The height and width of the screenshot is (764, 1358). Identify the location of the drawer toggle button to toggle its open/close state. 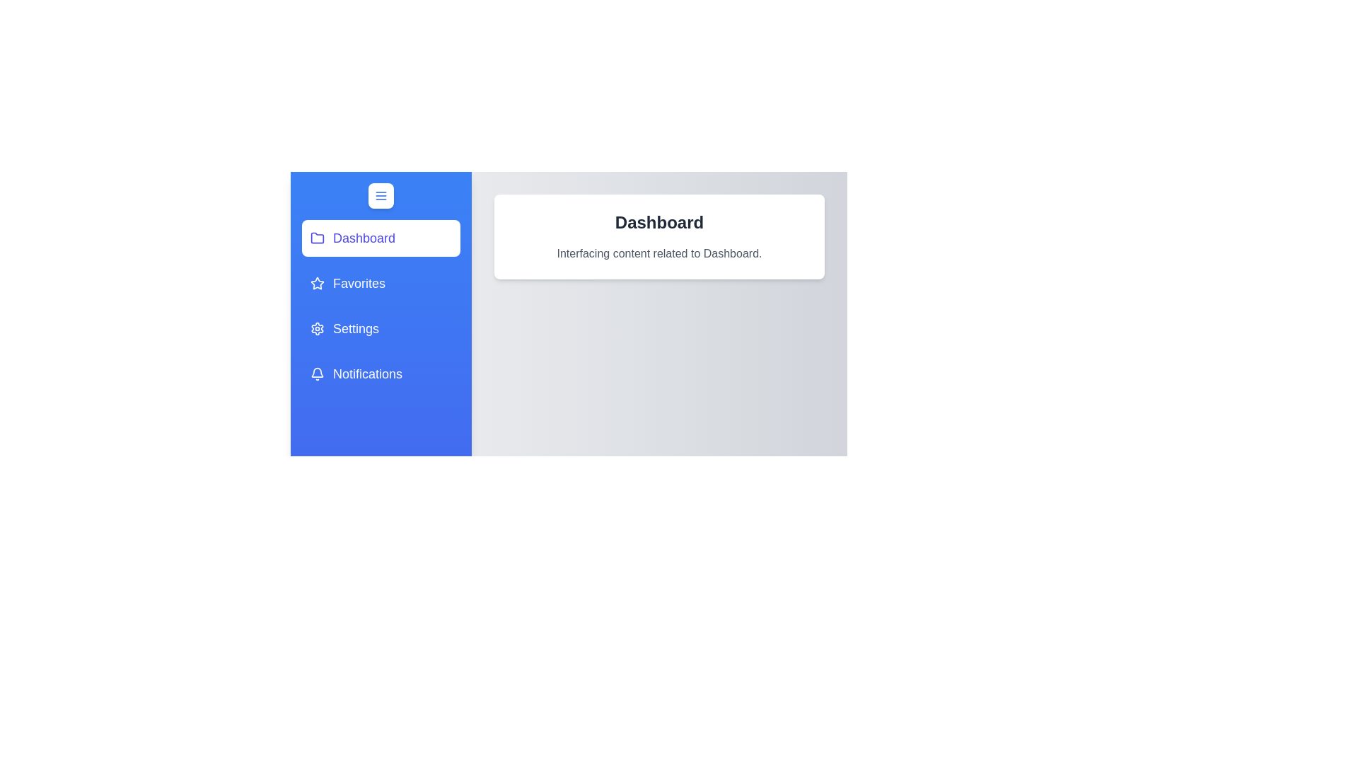
(381, 196).